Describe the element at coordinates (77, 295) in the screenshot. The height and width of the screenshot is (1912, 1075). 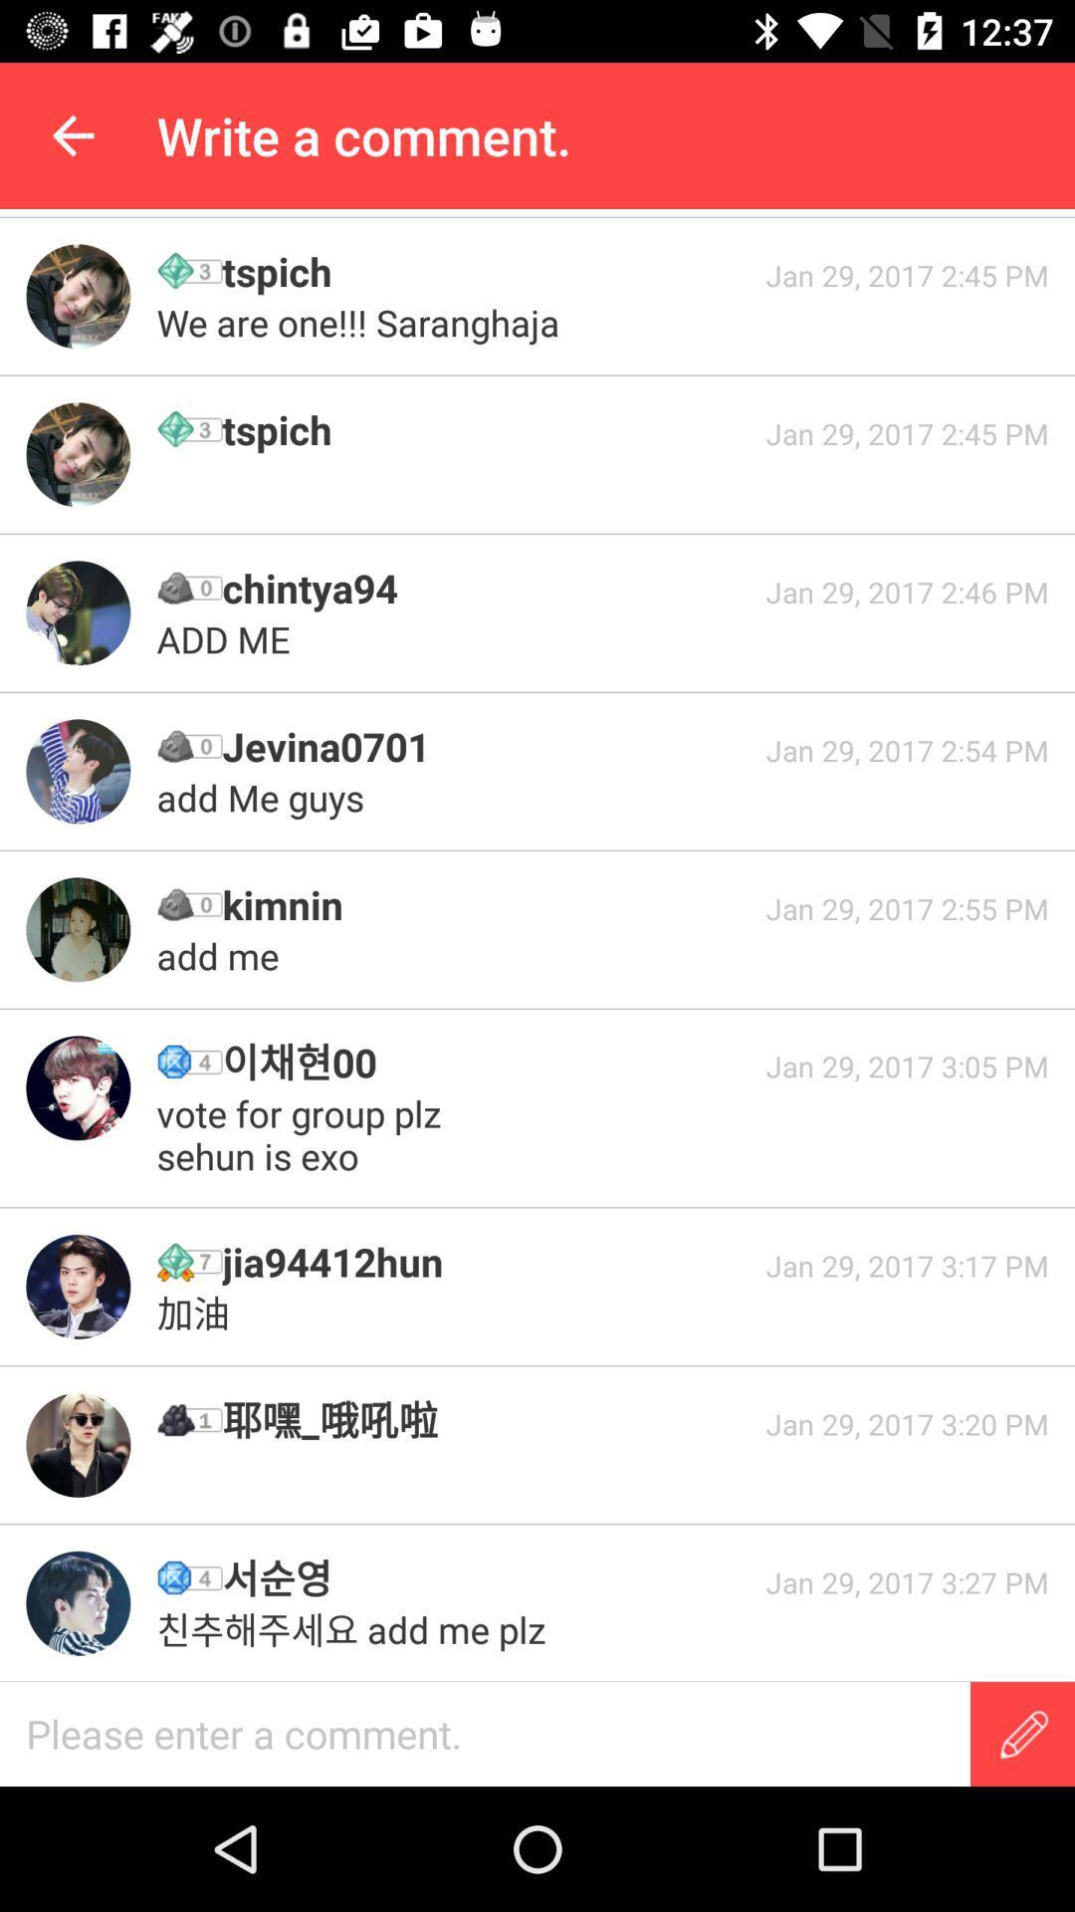
I see `check the profile` at that location.